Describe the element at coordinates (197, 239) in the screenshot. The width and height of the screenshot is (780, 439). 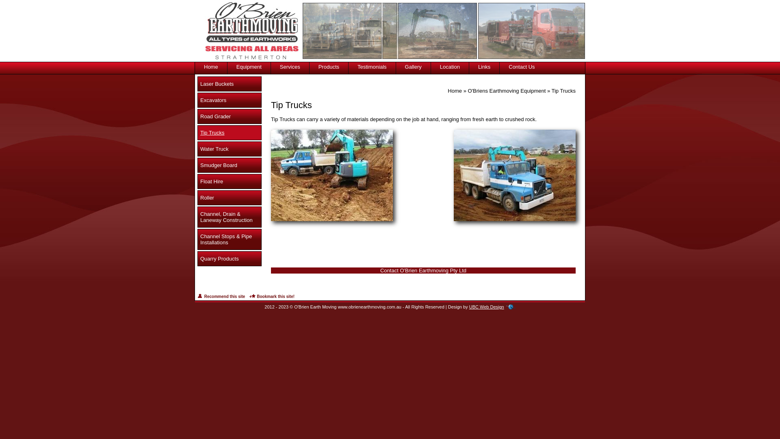
I see `'Channel Stops & Pipe Installations'` at that location.